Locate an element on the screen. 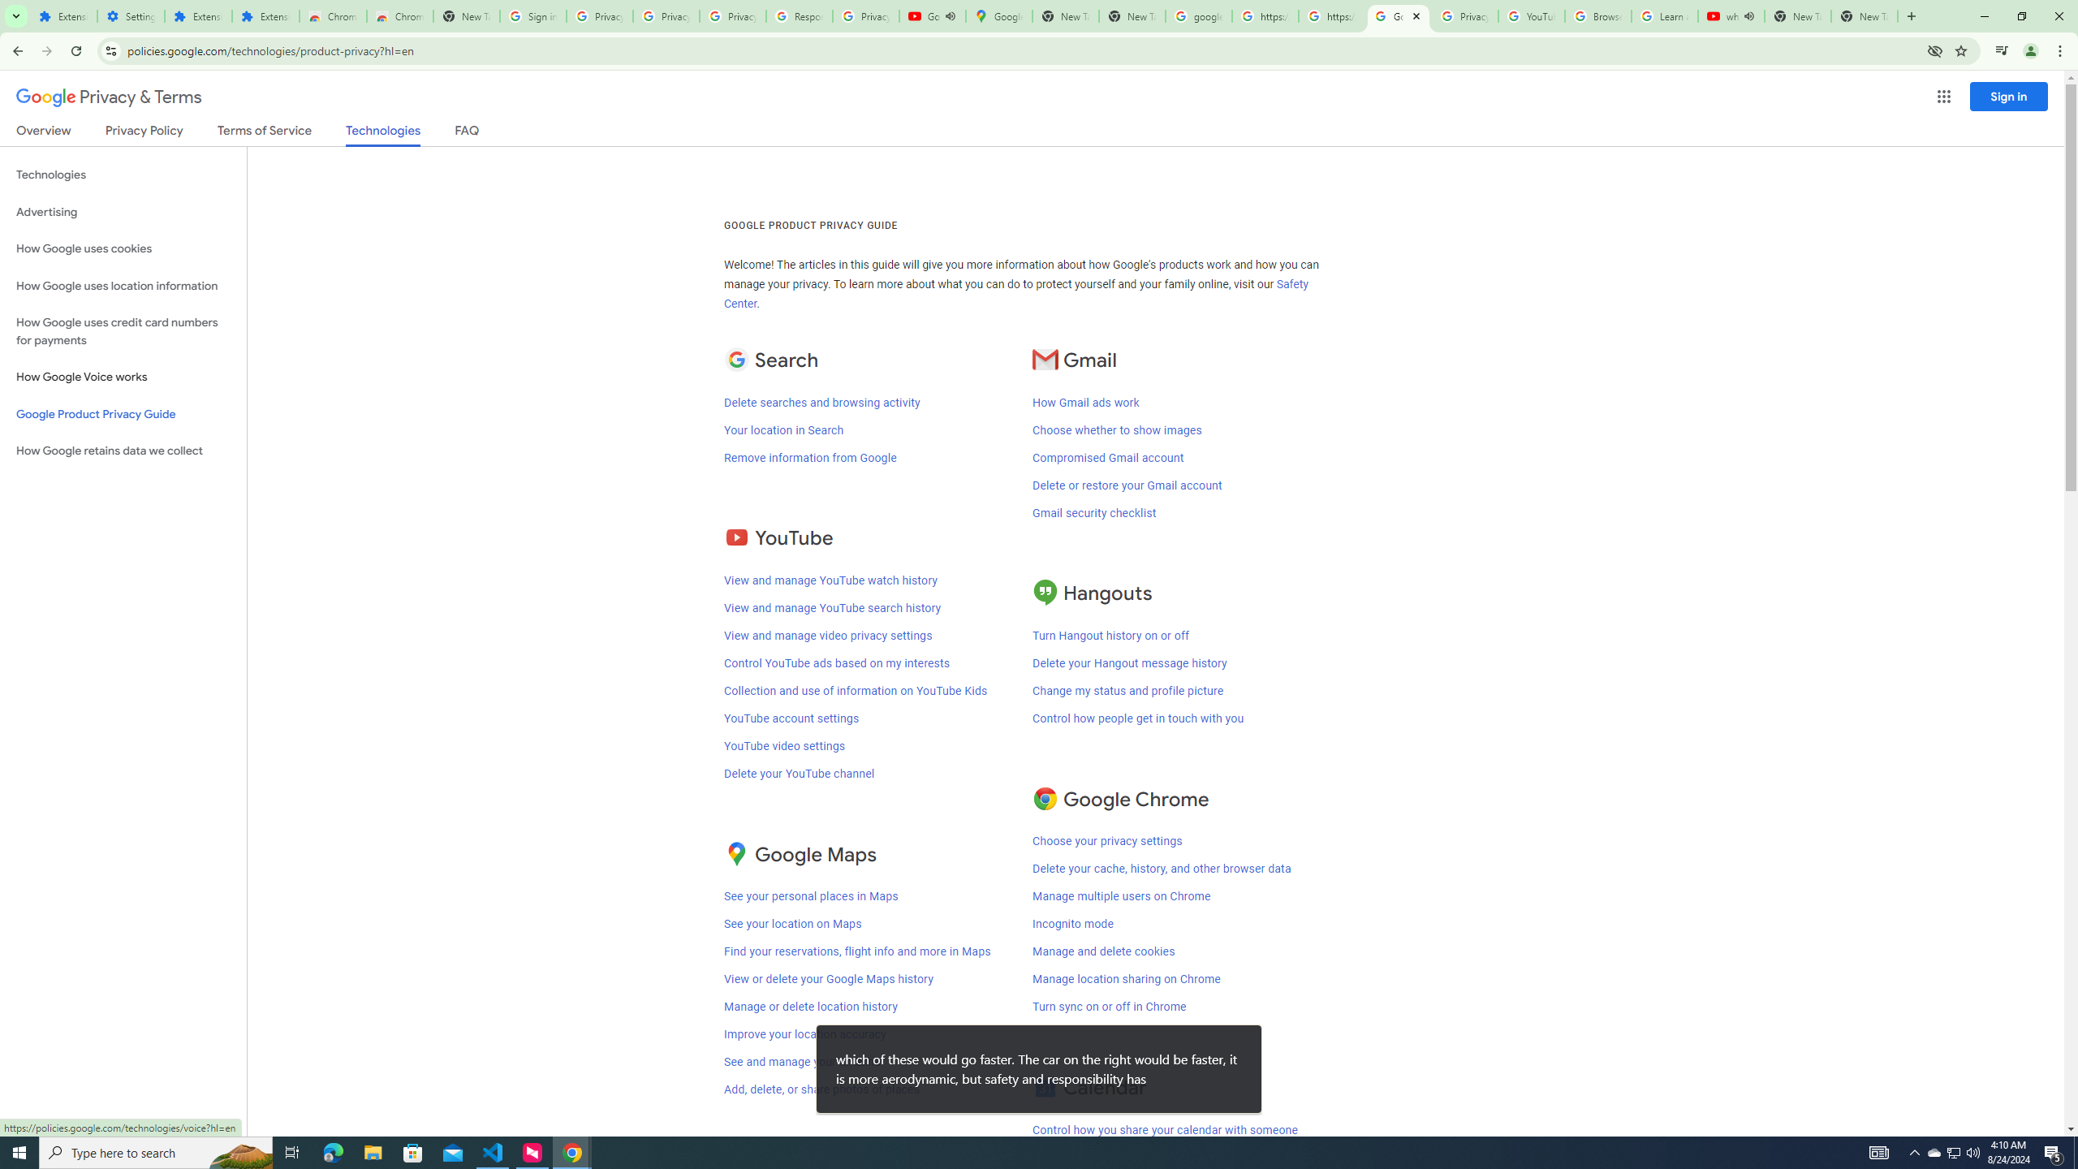  'Incognito mode' is located at coordinates (1072, 924).